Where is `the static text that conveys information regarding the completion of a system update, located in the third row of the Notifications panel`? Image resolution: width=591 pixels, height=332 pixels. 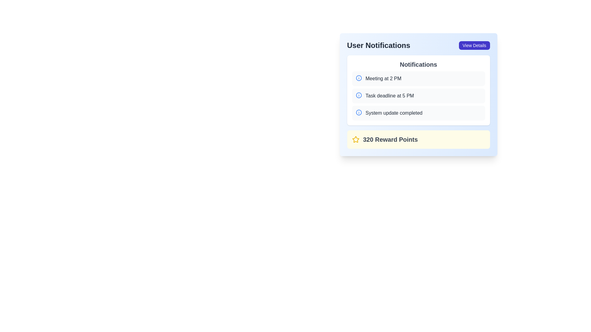
the static text that conveys information regarding the completion of a system update, located in the third row of the Notifications panel is located at coordinates (394, 113).